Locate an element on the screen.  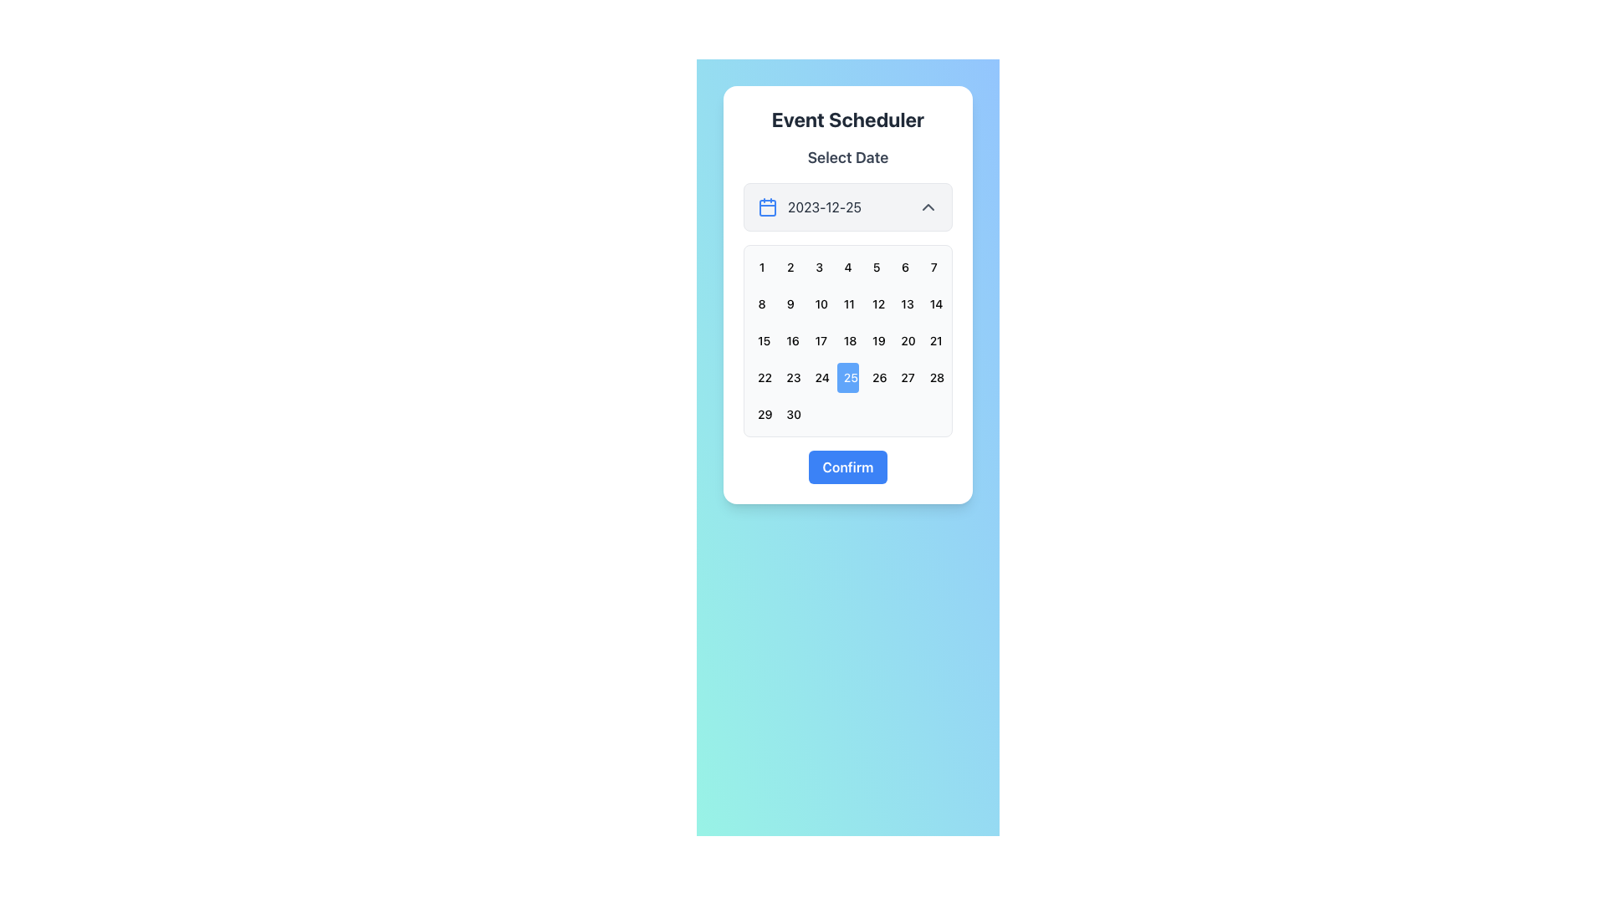
the interactive calendar date cell located in the third column of the third row is located at coordinates (819, 340).